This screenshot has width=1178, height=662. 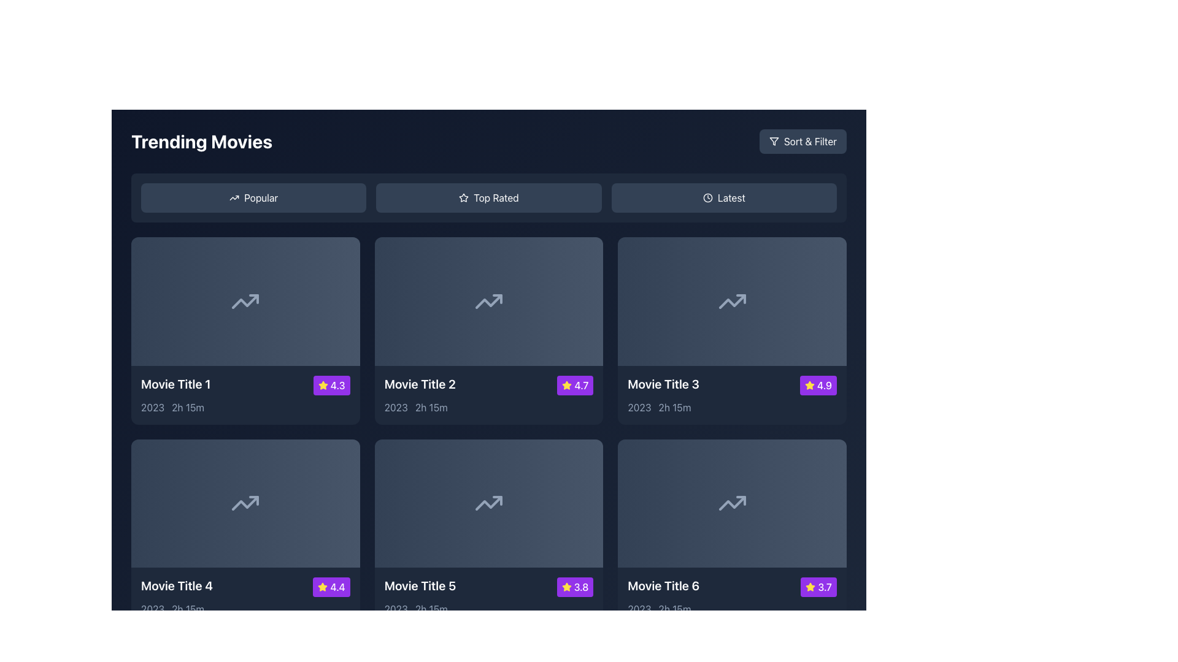 I want to click on the sorting and filtering button located at the top-right corner of the 'Trending Movies' section to observe the hover styling changes, so click(x=803, y=141).